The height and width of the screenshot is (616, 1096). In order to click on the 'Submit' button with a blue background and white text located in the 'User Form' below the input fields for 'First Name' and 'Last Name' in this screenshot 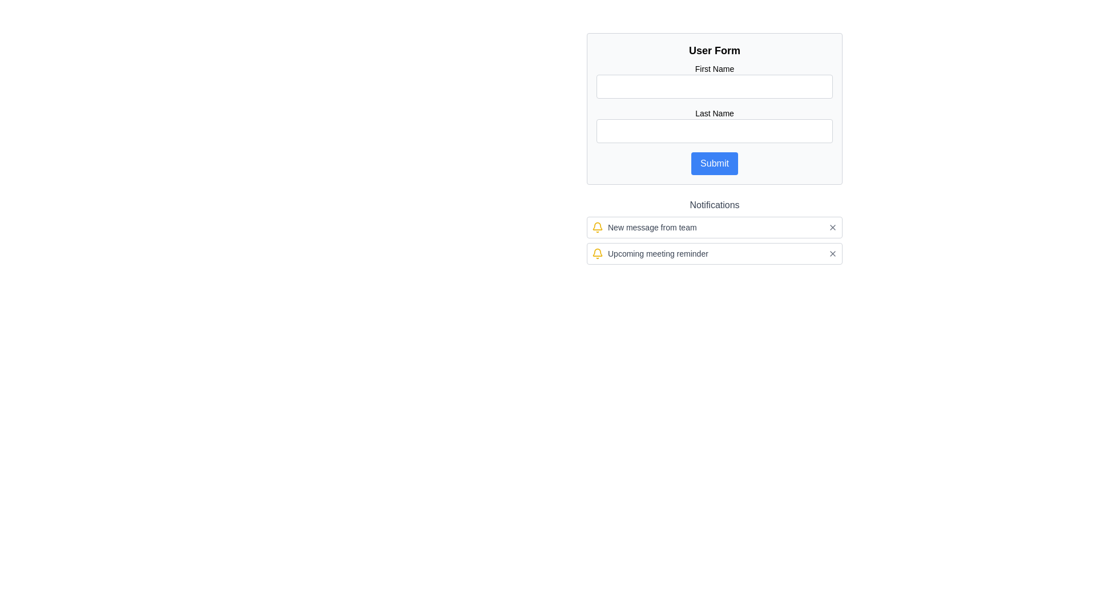, I will do `click(714, 163)`.